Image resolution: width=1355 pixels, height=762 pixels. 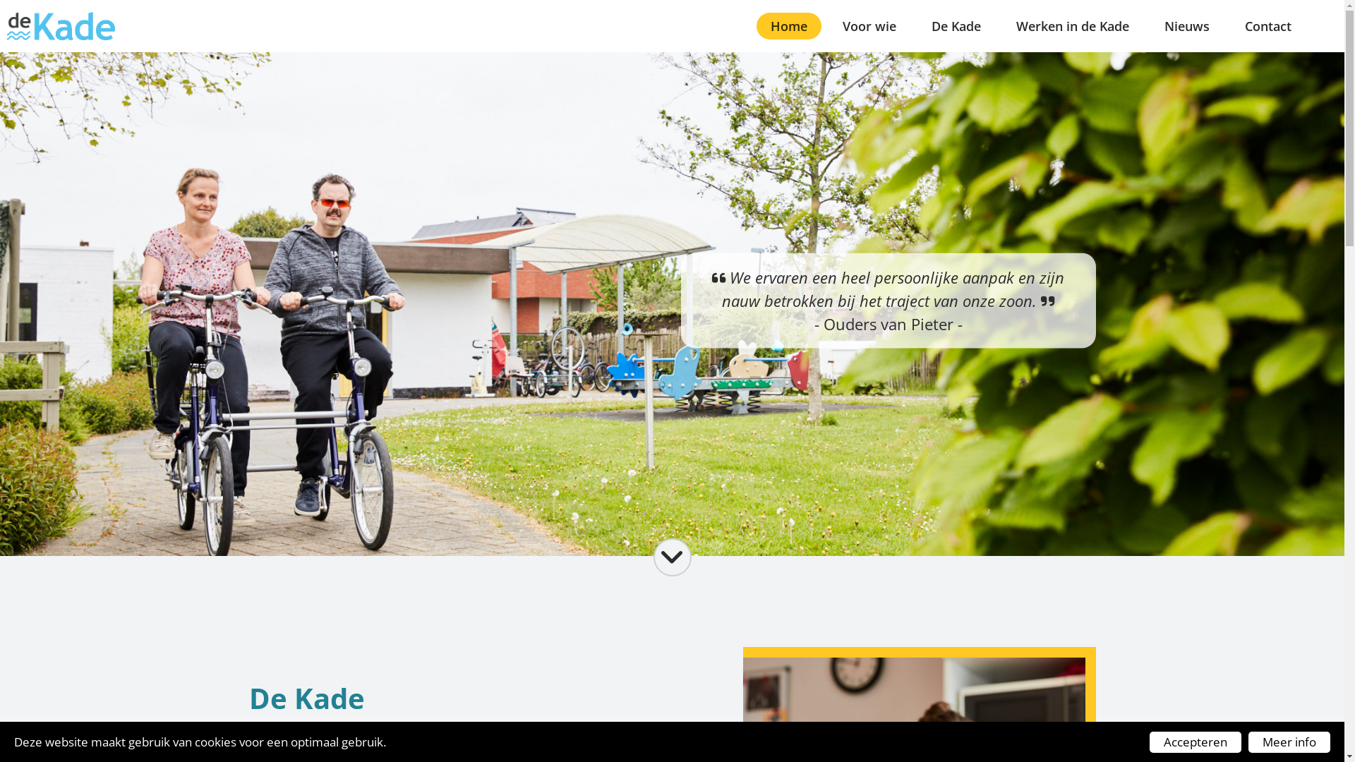 I want to click on 'Werken in de Kade', so click(x=1073, y=26).